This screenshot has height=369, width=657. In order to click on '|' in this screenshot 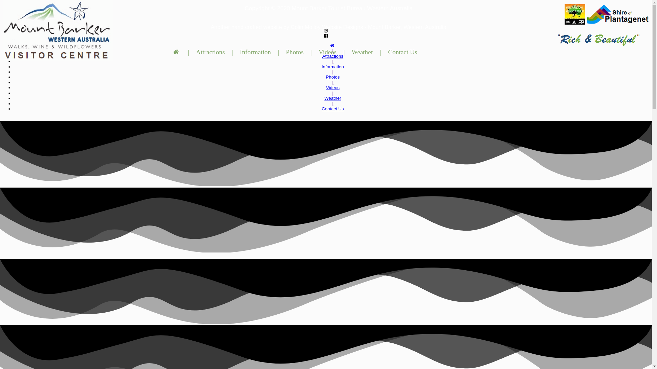, I will do `click(189, 52)`.